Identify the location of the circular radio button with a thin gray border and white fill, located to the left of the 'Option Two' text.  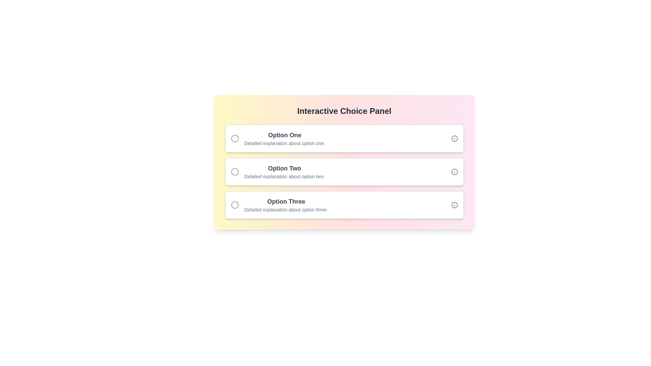
(237, 171).